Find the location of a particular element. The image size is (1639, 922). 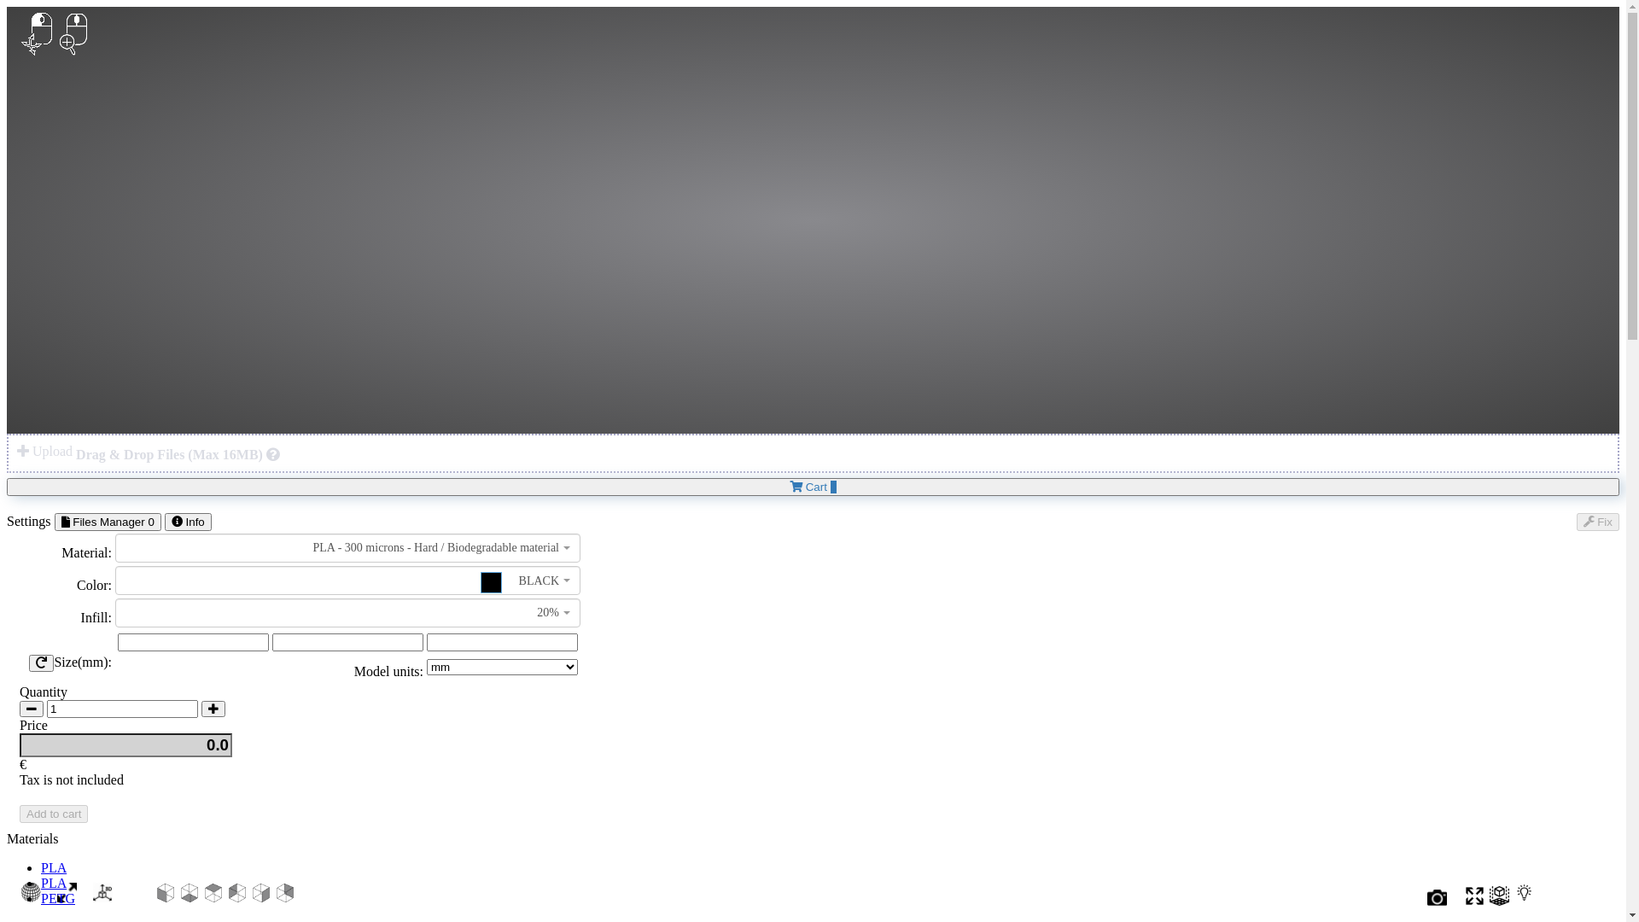

'Fix' is located at coordinates (1597, 521).